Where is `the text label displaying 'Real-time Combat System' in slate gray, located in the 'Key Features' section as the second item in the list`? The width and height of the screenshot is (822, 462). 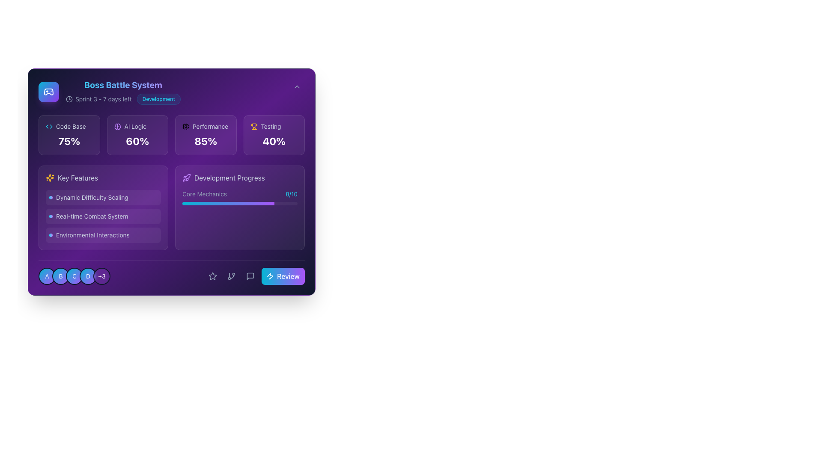
the text label displaying 'Real-time Combat System' in slate gray, located in the 'Key Features' section as the second item in the list is located at coordinates (92, 216).